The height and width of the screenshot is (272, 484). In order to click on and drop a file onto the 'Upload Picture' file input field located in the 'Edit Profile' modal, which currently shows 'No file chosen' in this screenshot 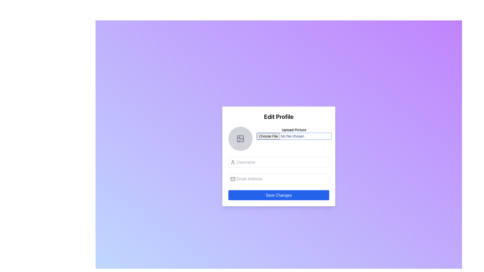, I will do `click(294, 139)`.